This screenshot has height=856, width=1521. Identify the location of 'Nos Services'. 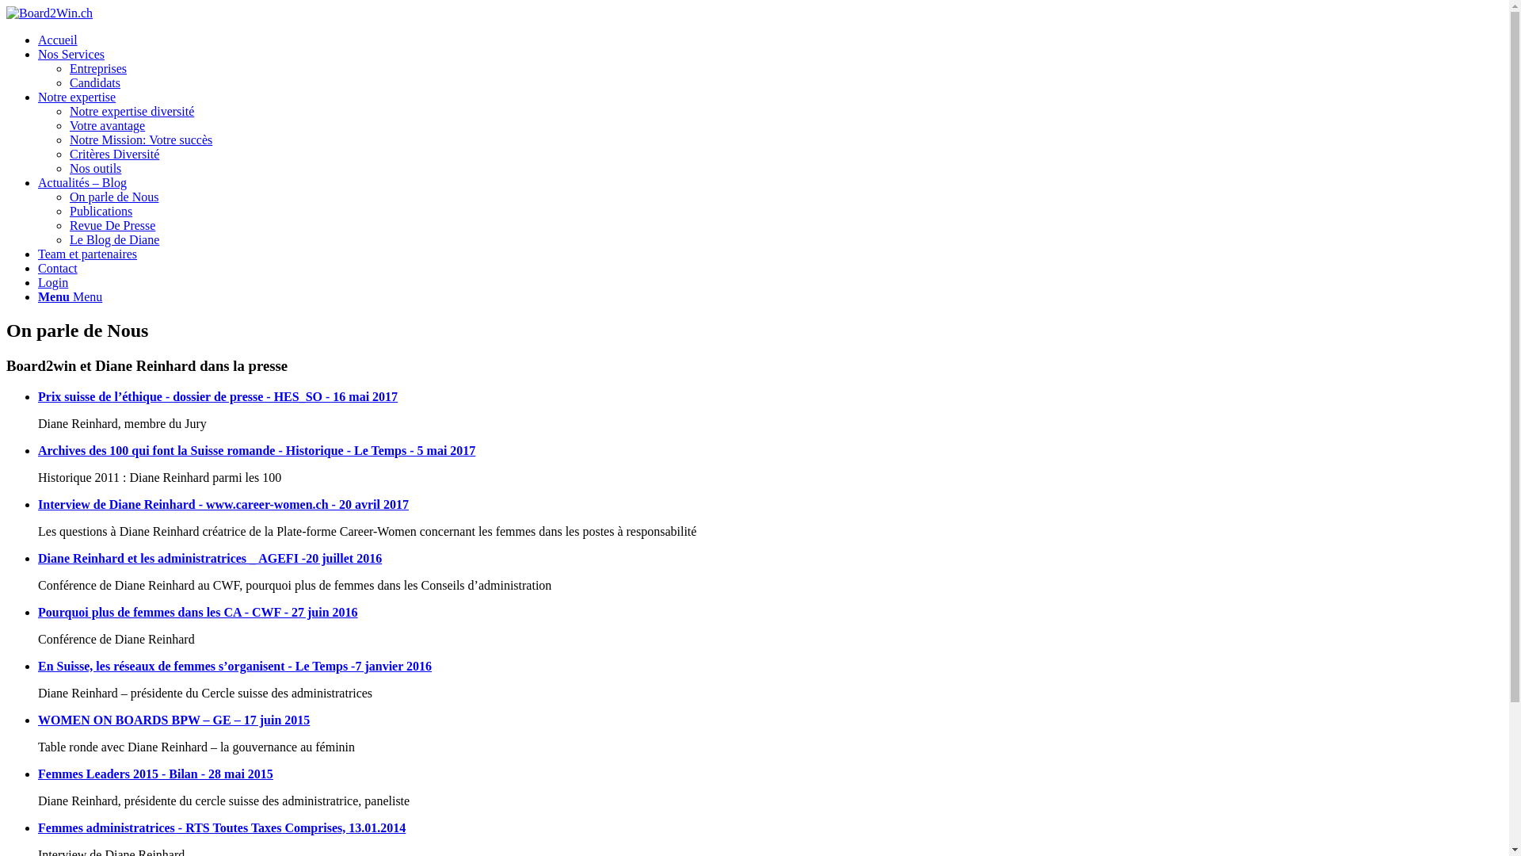
(71, 53).